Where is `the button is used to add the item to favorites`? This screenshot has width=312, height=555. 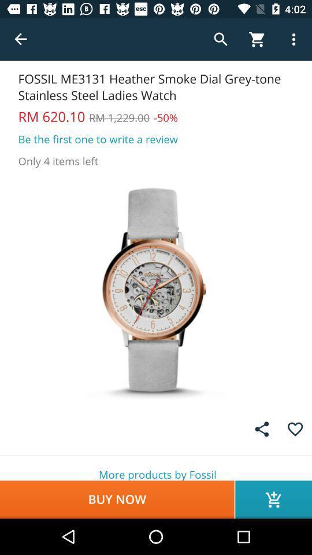
the button is used to add the item to favorites is located at coordinates (295, 428).